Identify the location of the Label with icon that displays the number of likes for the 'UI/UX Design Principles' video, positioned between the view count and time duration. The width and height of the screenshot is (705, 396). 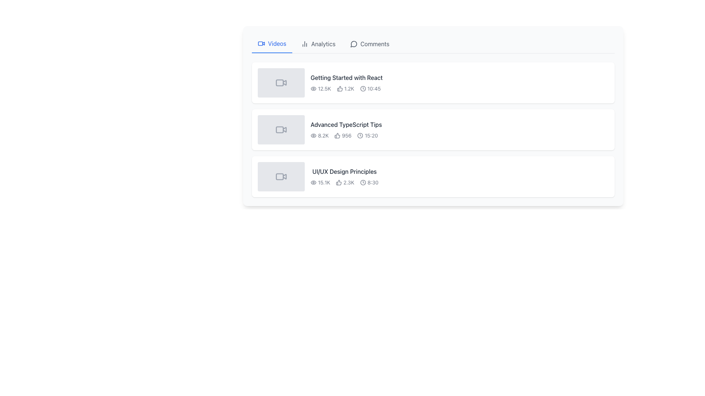
(345, 182).